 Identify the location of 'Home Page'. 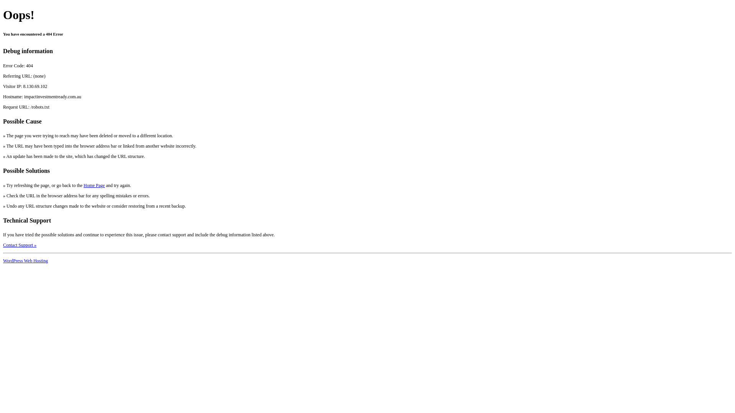
(83, 185).